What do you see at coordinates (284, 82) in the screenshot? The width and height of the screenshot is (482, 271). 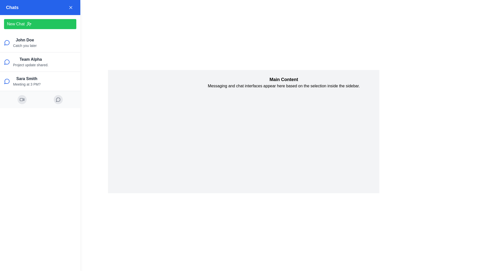 I see `the Informational text block element that has a bold heading saying 'Main Content' and provides messaging and chat information, located near the center-right of the interface` at bounding box center [284, 82].